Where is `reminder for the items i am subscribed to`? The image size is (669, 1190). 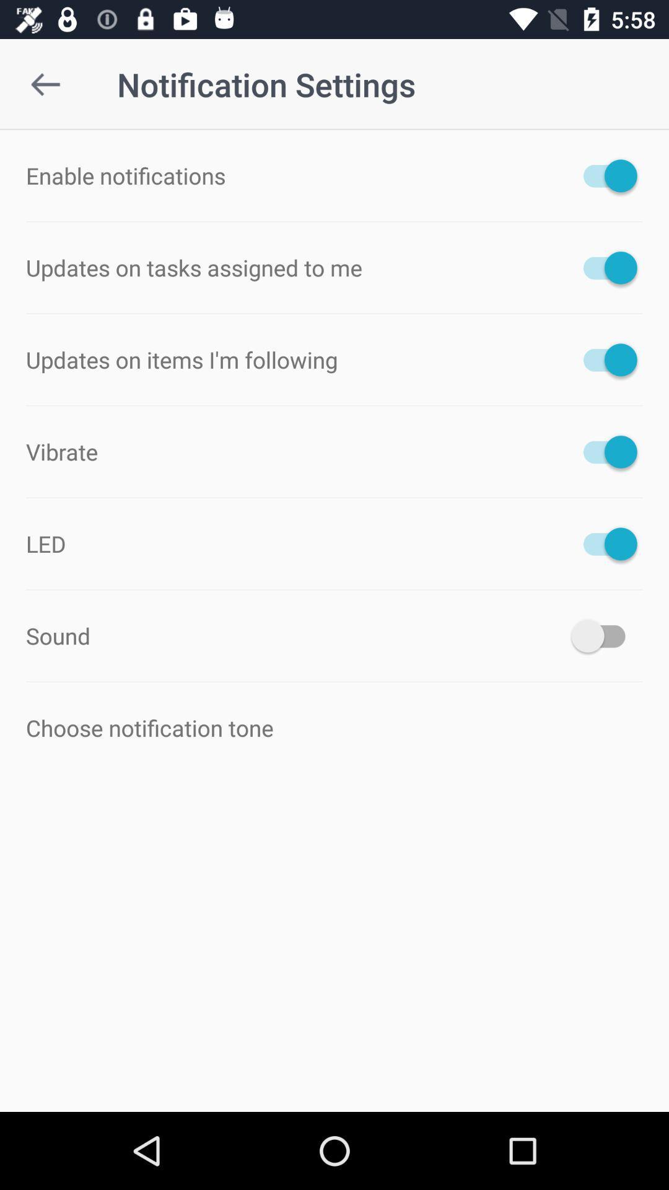
reminder for the items i am subscribed to is located at coordinates (603, 359).